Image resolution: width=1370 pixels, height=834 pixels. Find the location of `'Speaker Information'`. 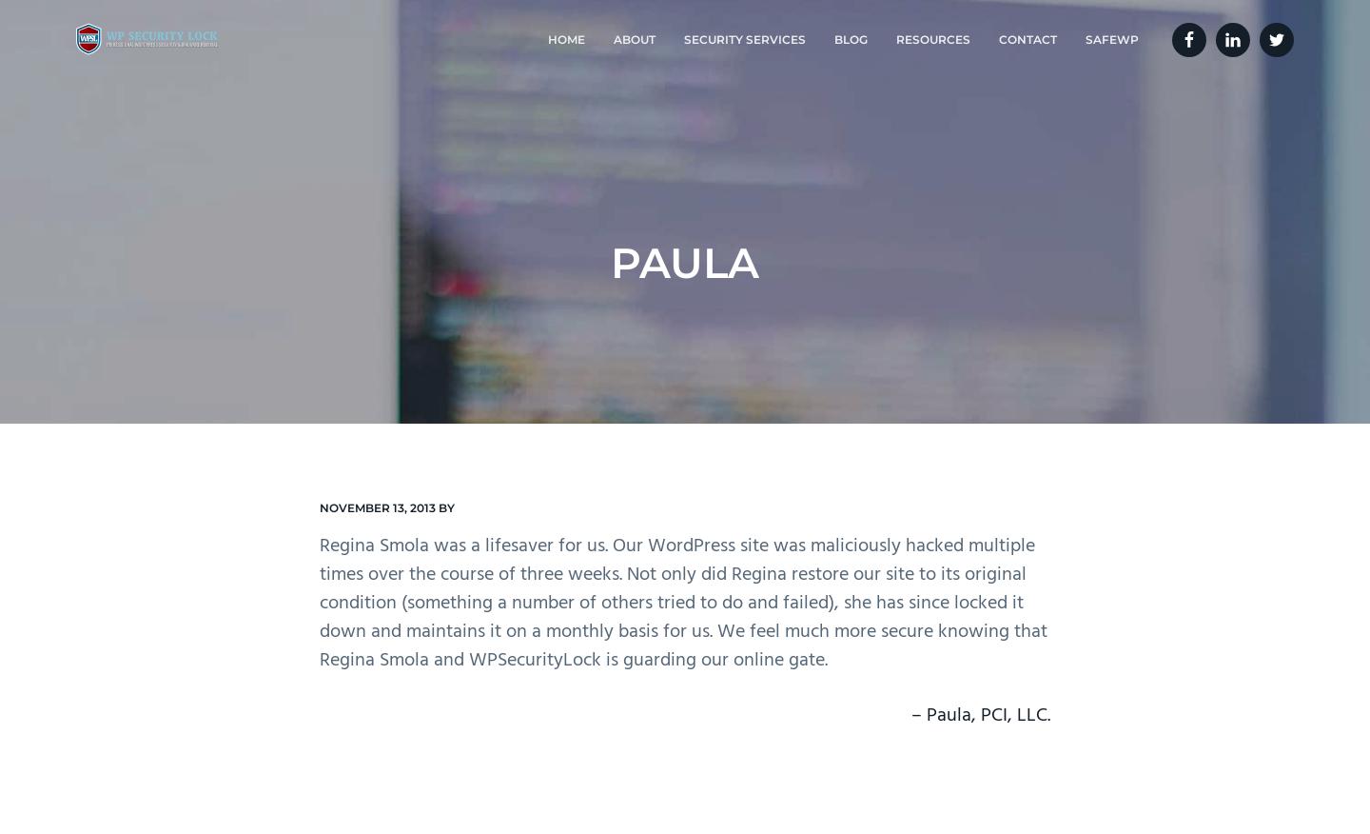

'Speaker Information' is located at coordinates (616, 142).